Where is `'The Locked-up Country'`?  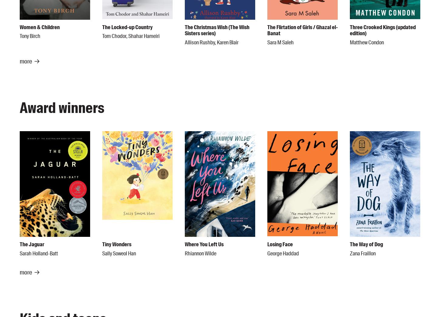
'The Locked-up Country' is located at coordinates (127, 27).